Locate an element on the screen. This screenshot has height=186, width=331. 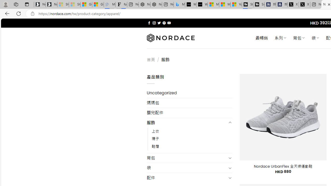
'Follow on Facebook' is located at coordinates (149, 23).